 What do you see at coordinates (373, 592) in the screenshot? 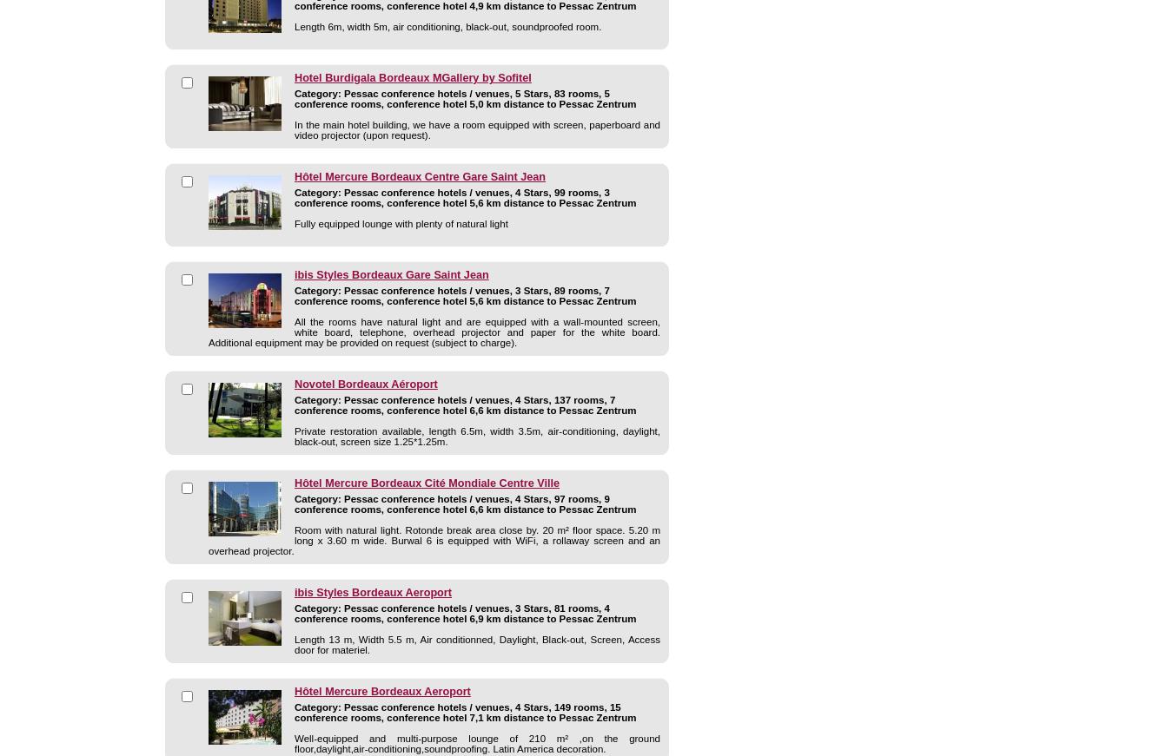
I see `'ibis Styles Bordeaux Aeroport'` at bounding box center [373, 592].